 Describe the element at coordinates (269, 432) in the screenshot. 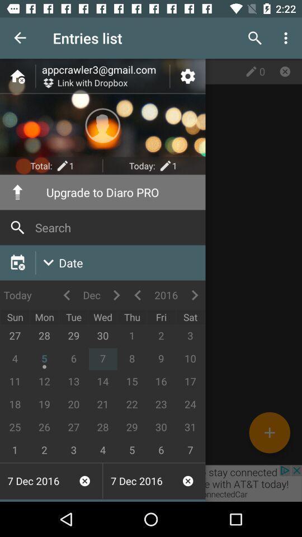

I see `the add icon` at that location.